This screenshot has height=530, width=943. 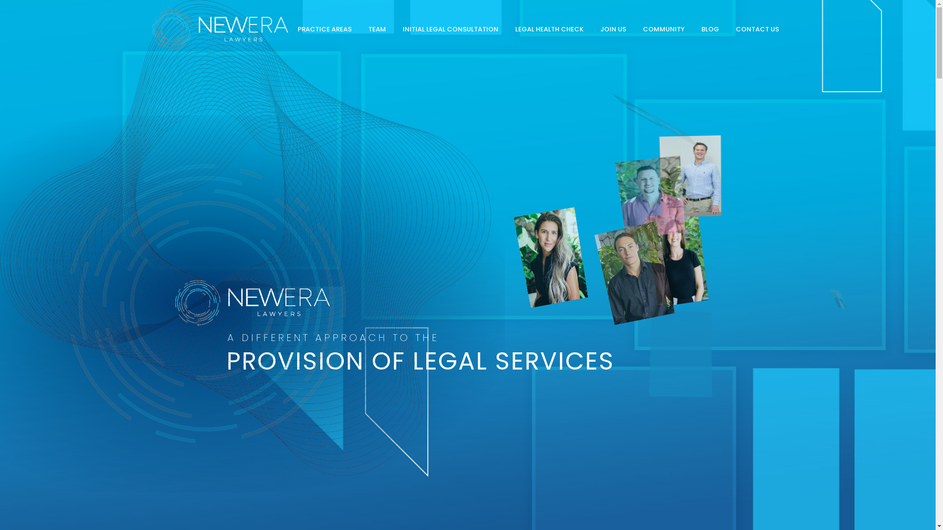 What do you see at coordinates (664, 29) in the screenshot?
I see `'COMMUNITY'` at bounding box center [664, 29].